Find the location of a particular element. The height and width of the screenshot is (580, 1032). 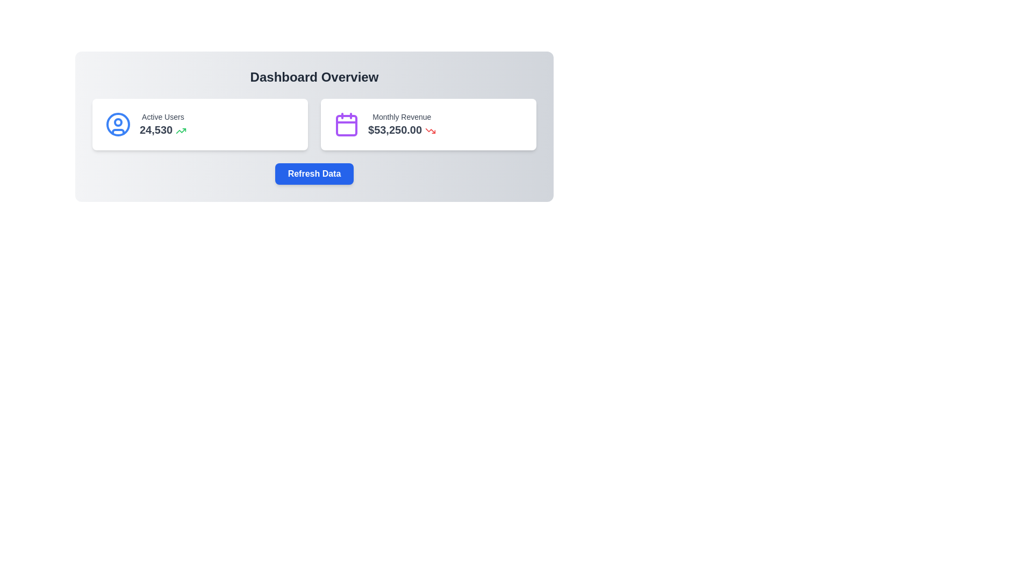

the static text label displaying the current monthly revenue located in the second card on the right side of the dashboard interface, under the 'Monthly Revenue' heading is located at coordinates (401, 129).